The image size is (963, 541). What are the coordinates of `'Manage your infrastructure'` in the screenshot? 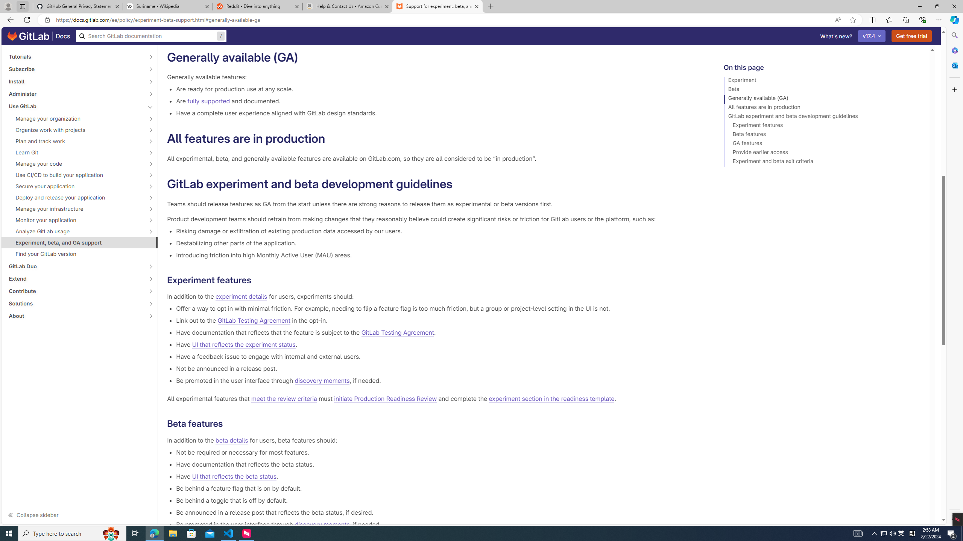 It's located at (75, 209).